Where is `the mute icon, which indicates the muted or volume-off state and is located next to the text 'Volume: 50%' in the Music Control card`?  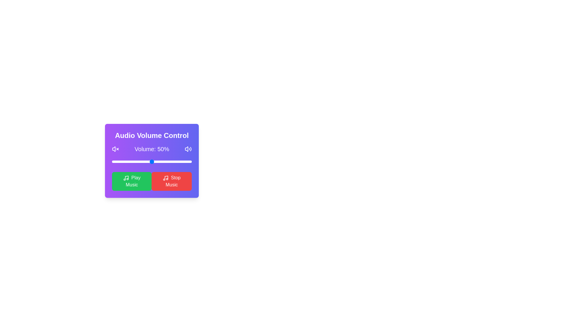 the mute icon, which indicates the muted or volume-off state and is located next to the text 'Volume: 50%' in the Music Control card is located at coordinates (114, 149).